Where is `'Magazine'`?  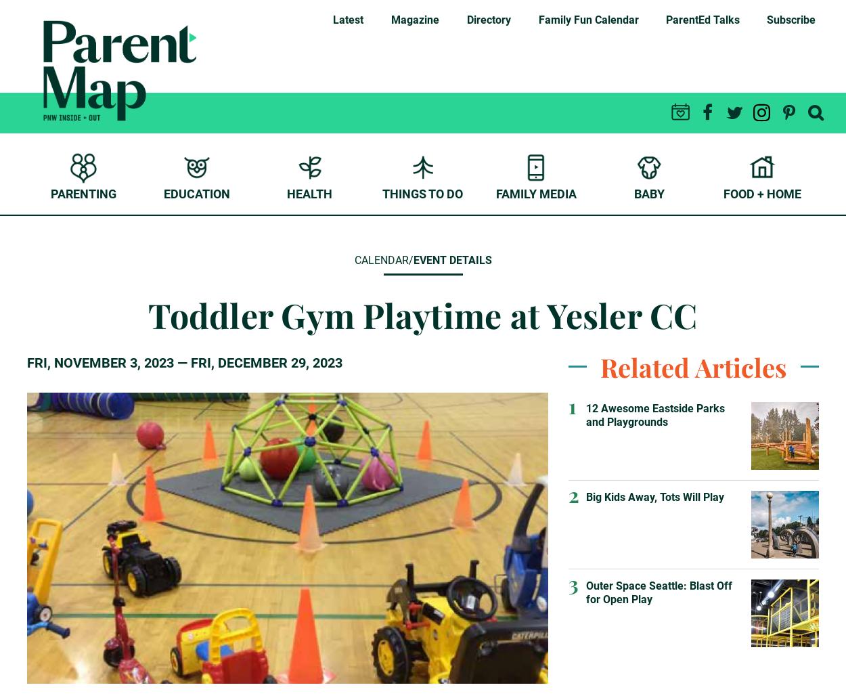 'Magazine' is located at coordinates (391, 20).